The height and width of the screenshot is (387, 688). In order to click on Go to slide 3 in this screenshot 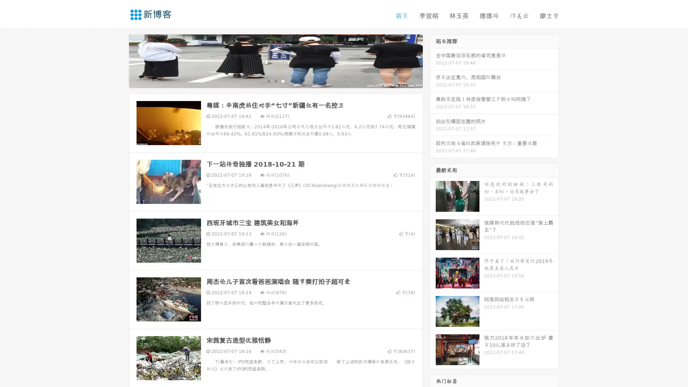, I will do `click(283, 81)`.